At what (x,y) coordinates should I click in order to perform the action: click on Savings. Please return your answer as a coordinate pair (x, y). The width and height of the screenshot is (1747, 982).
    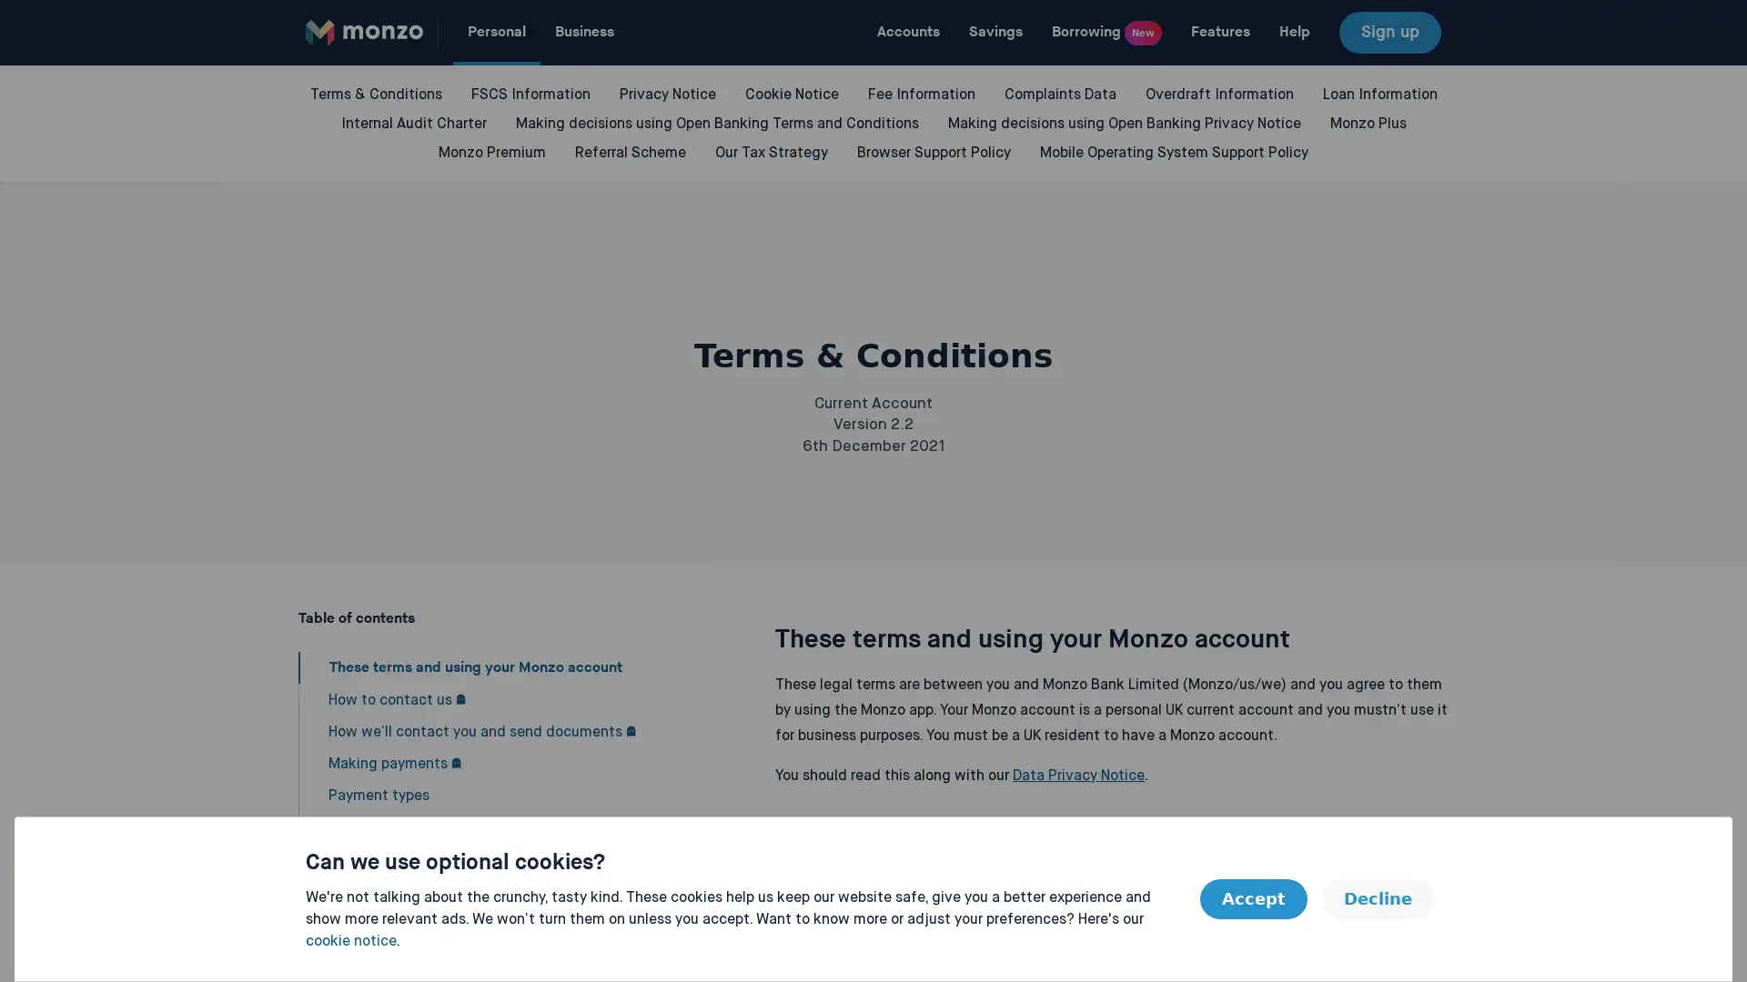
    Looking at the image, I should click on (995, 32).